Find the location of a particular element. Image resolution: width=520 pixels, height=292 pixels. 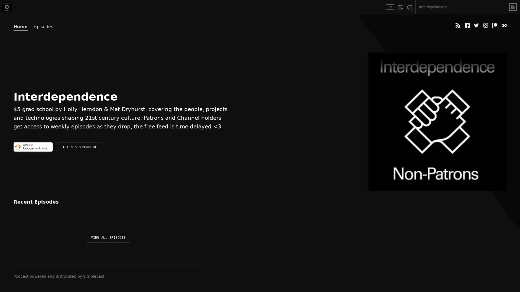

LISTEN & SUBSCRIBE is located at coordinates (78, 147).